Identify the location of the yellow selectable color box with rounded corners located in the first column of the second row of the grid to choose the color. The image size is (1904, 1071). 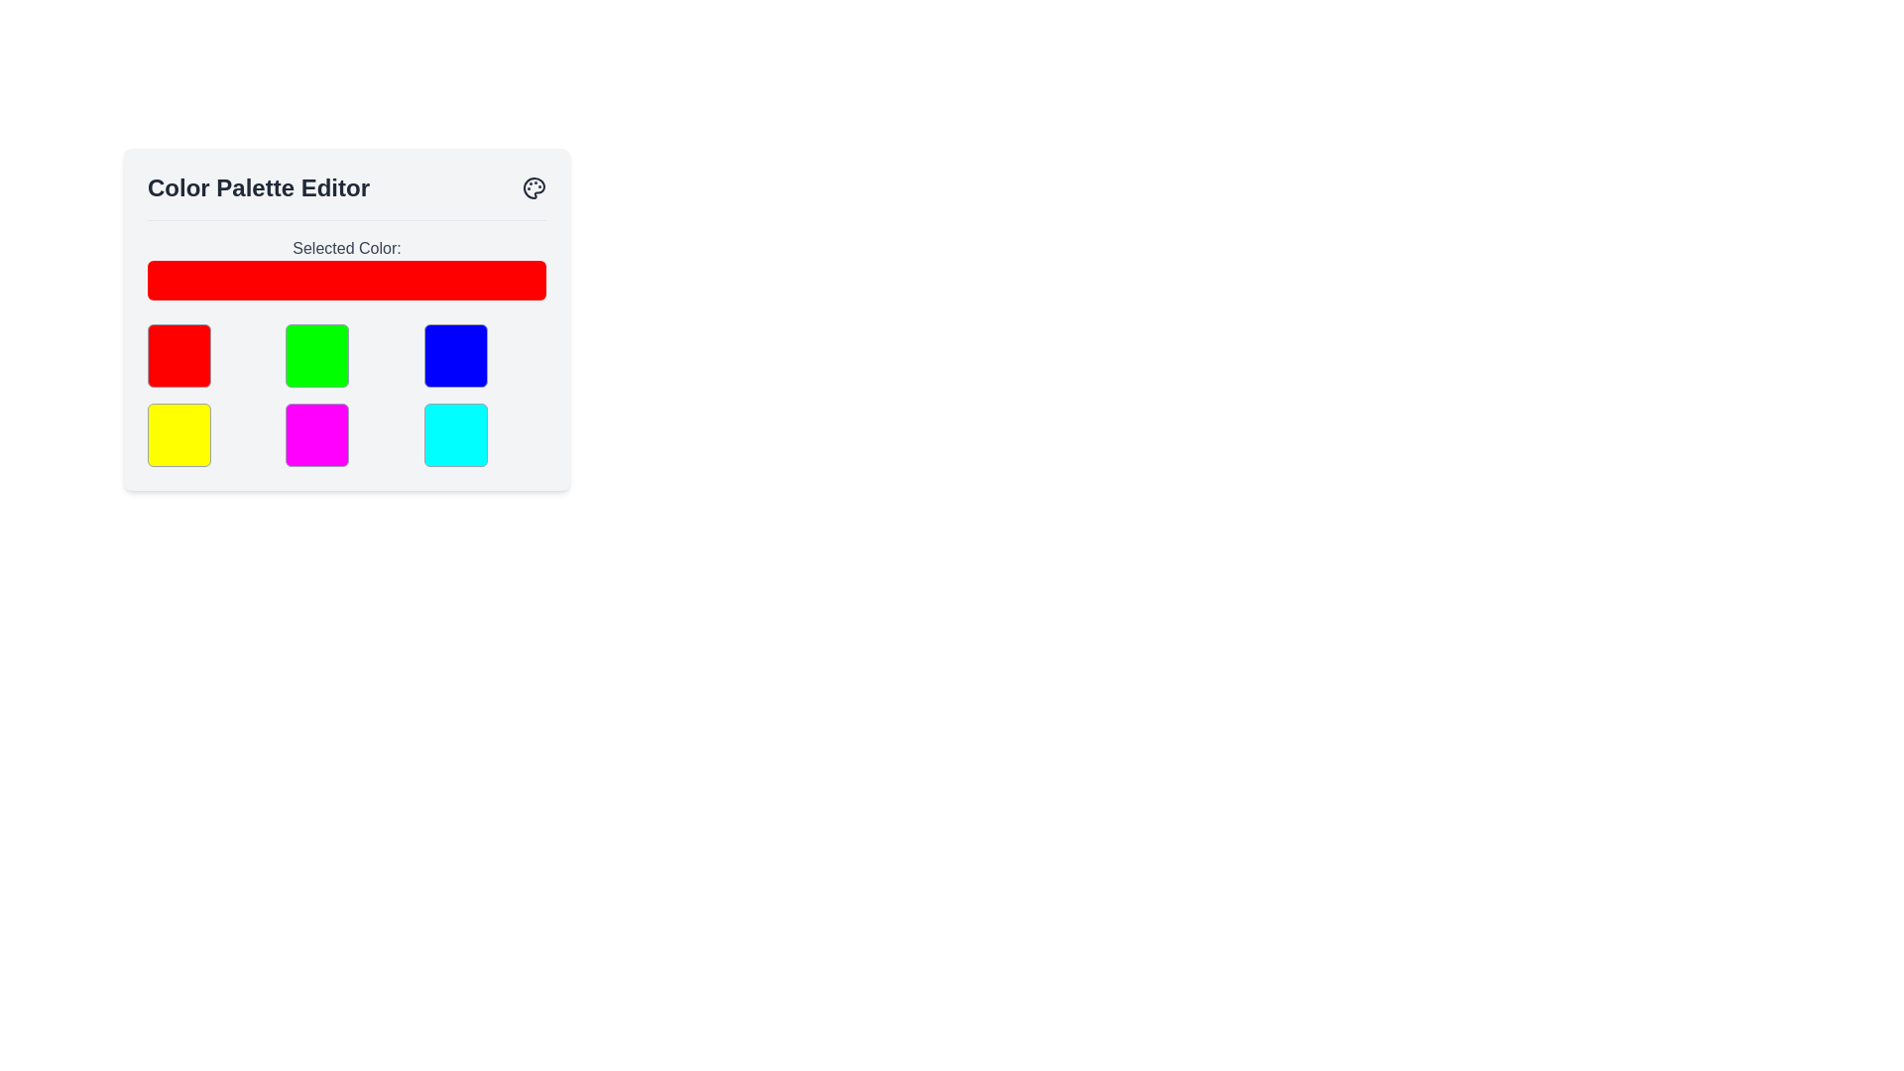
(179, 434).